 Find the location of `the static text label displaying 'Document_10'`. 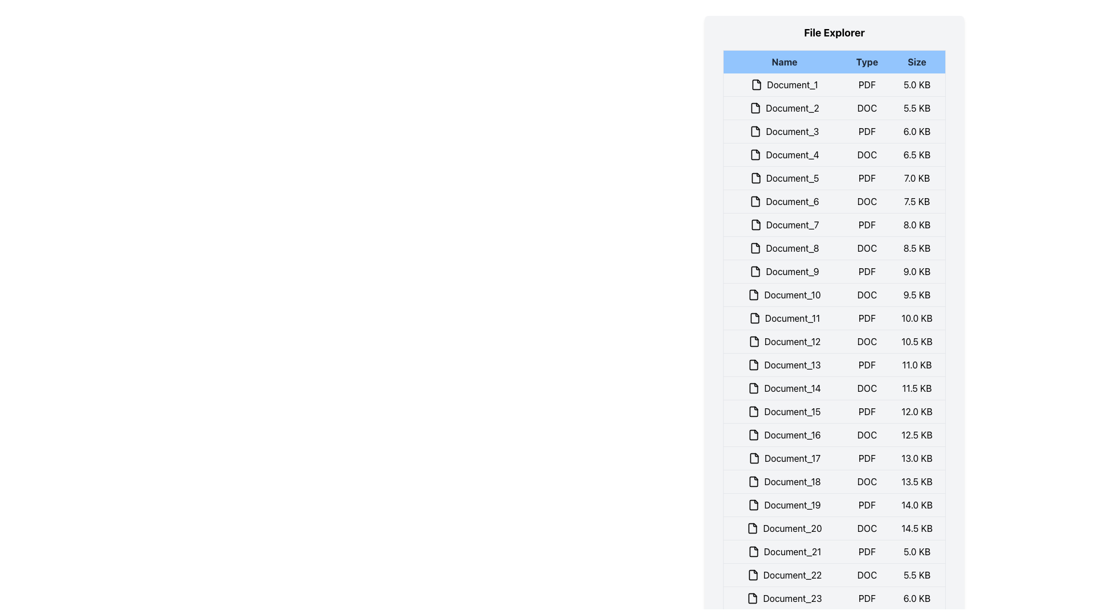

the static text label displaying 'Document_10' is located at coordinates (784, 294).